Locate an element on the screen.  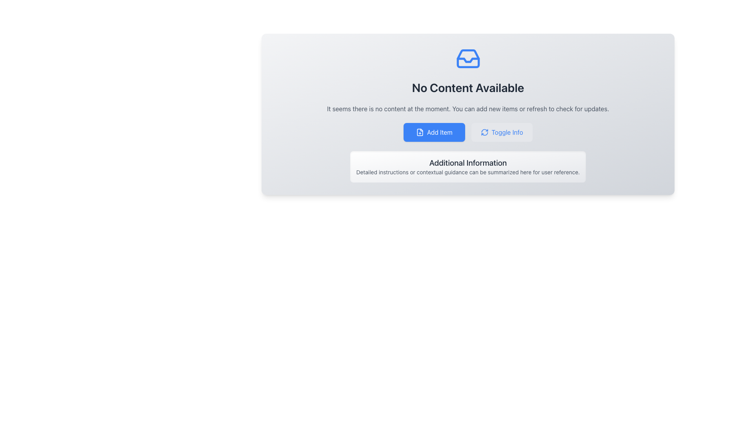
the decorative icon positioned above the 'No Content Available' text, centrally located in the informational panel is located at coordinates (468, 58).